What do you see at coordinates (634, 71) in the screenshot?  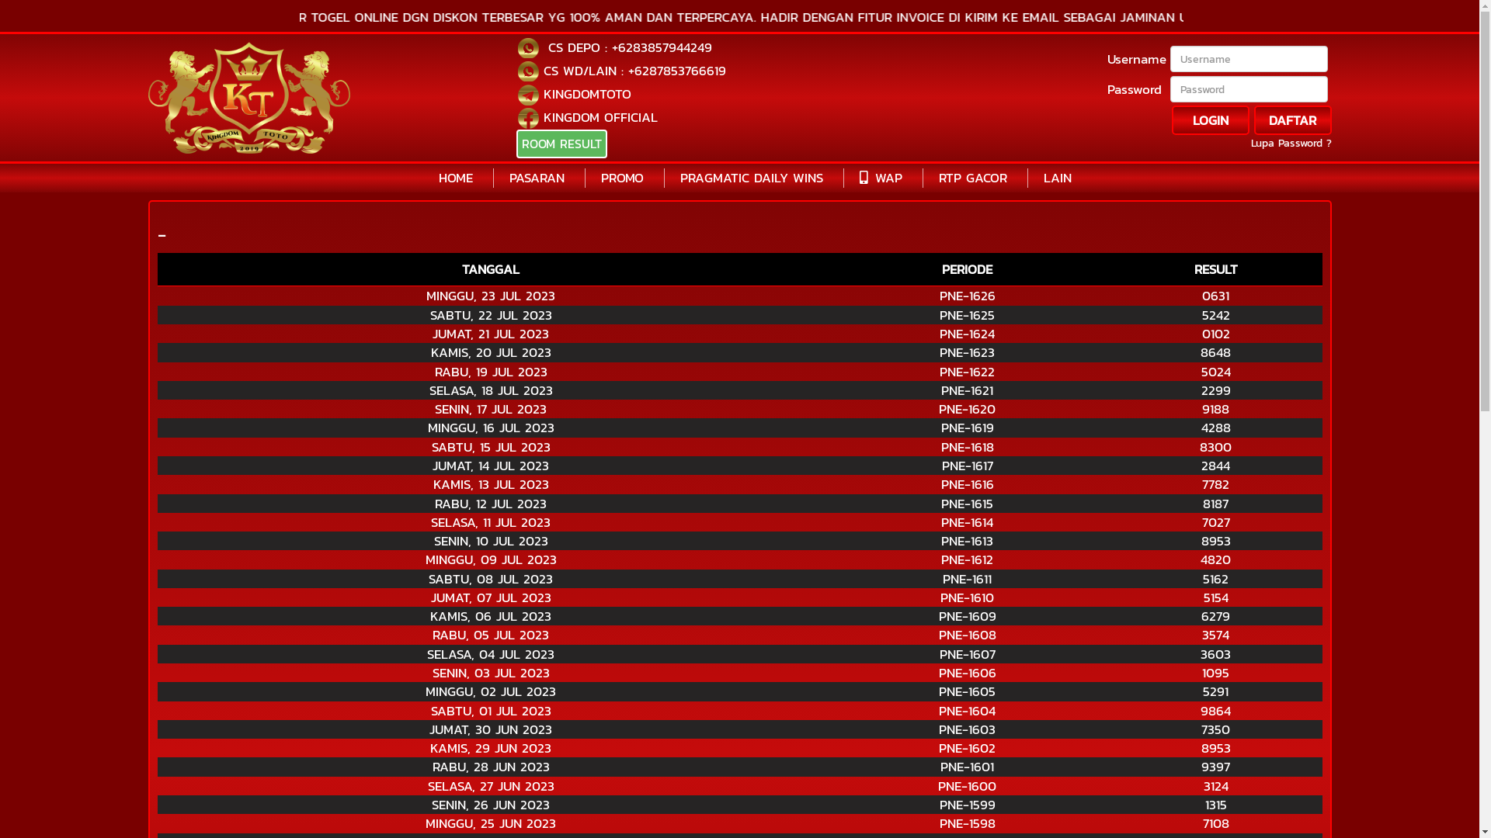 I see `'CS WD/LAIN : +6287853766619'` at bounding box center [634, 71].